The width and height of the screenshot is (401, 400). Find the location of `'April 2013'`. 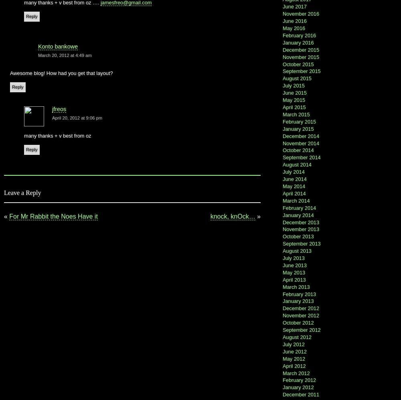

'April 2013' is located at coordinates (294, 279).